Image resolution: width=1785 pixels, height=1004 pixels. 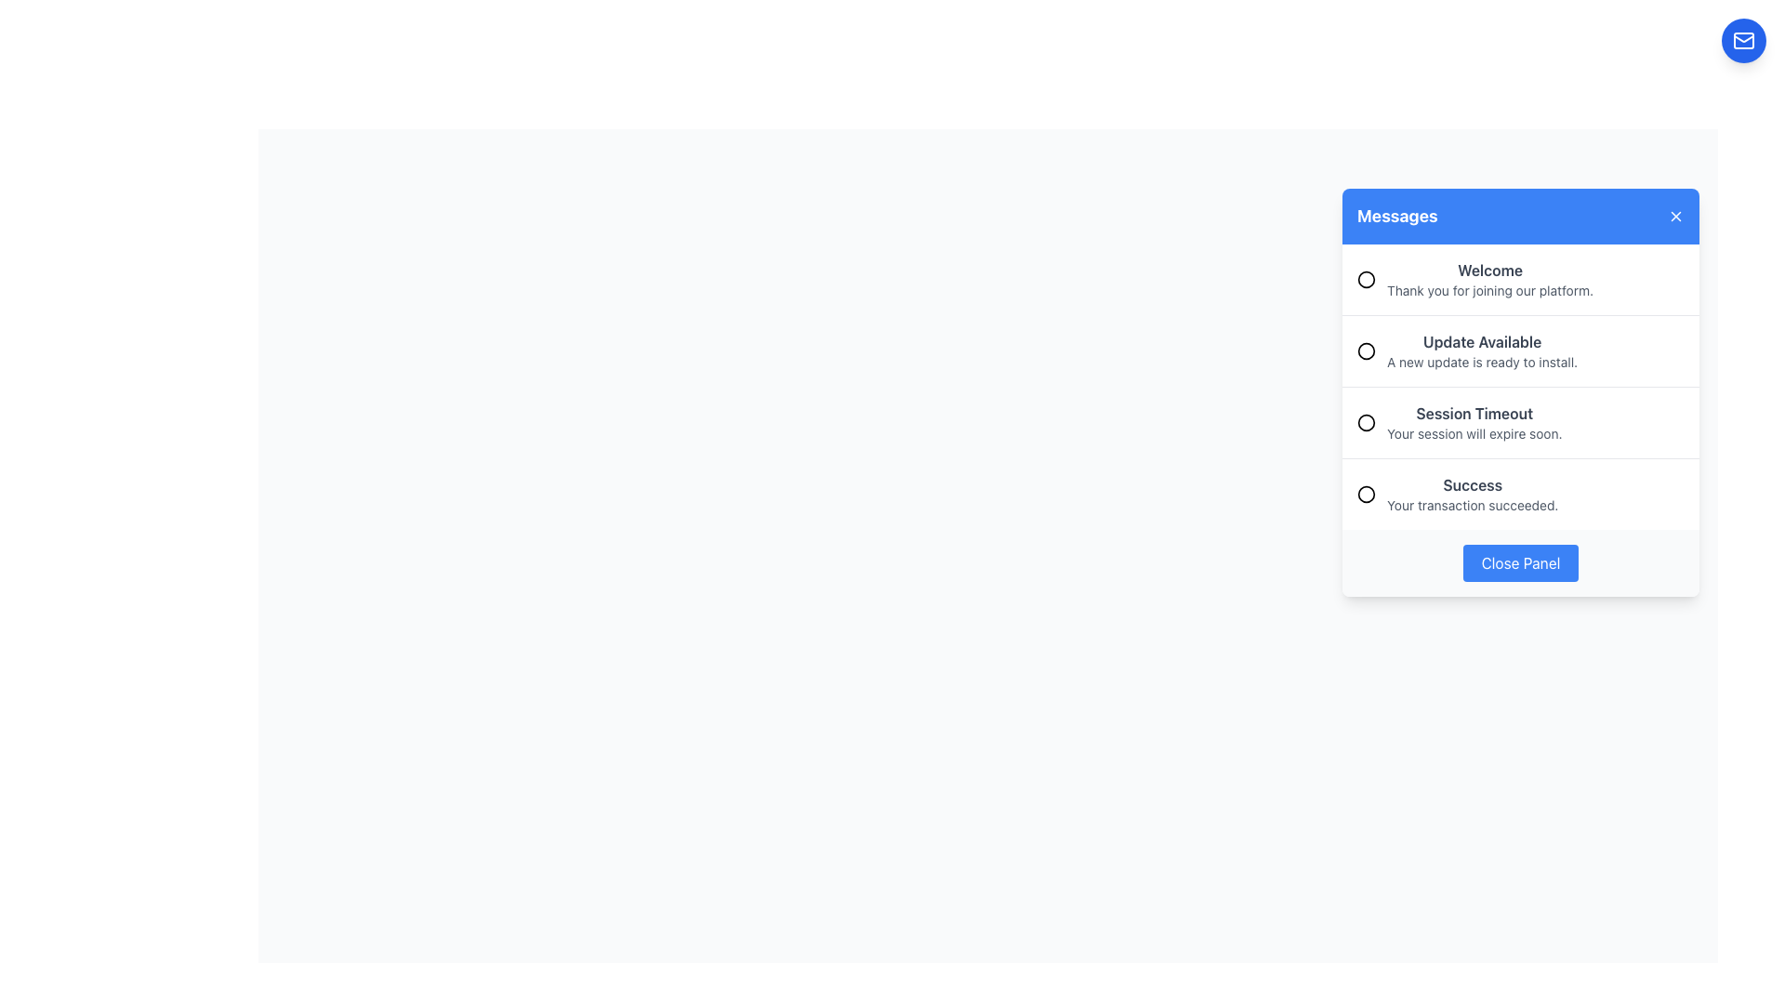 What do you see at coordinates (1366, 279) in the screenshot?
I see `the circular outlined icon with a grayscale appearance located at the left of the message row containing 'Welcome' and 'Thank you for joining our platform.'` at bounding box center [1366, 279].